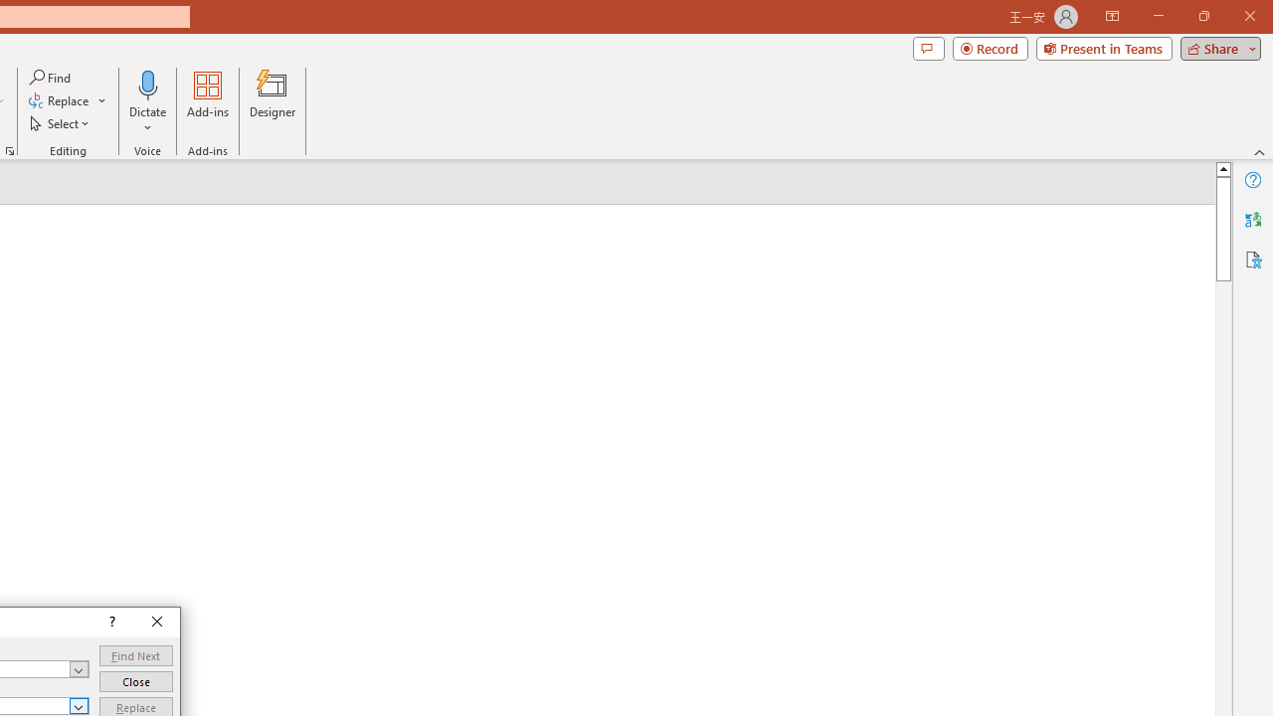  What do you see at coordinates (1222, 167) in the screenshot?
I see `'Line up'` at bounding box center [1222, 167].